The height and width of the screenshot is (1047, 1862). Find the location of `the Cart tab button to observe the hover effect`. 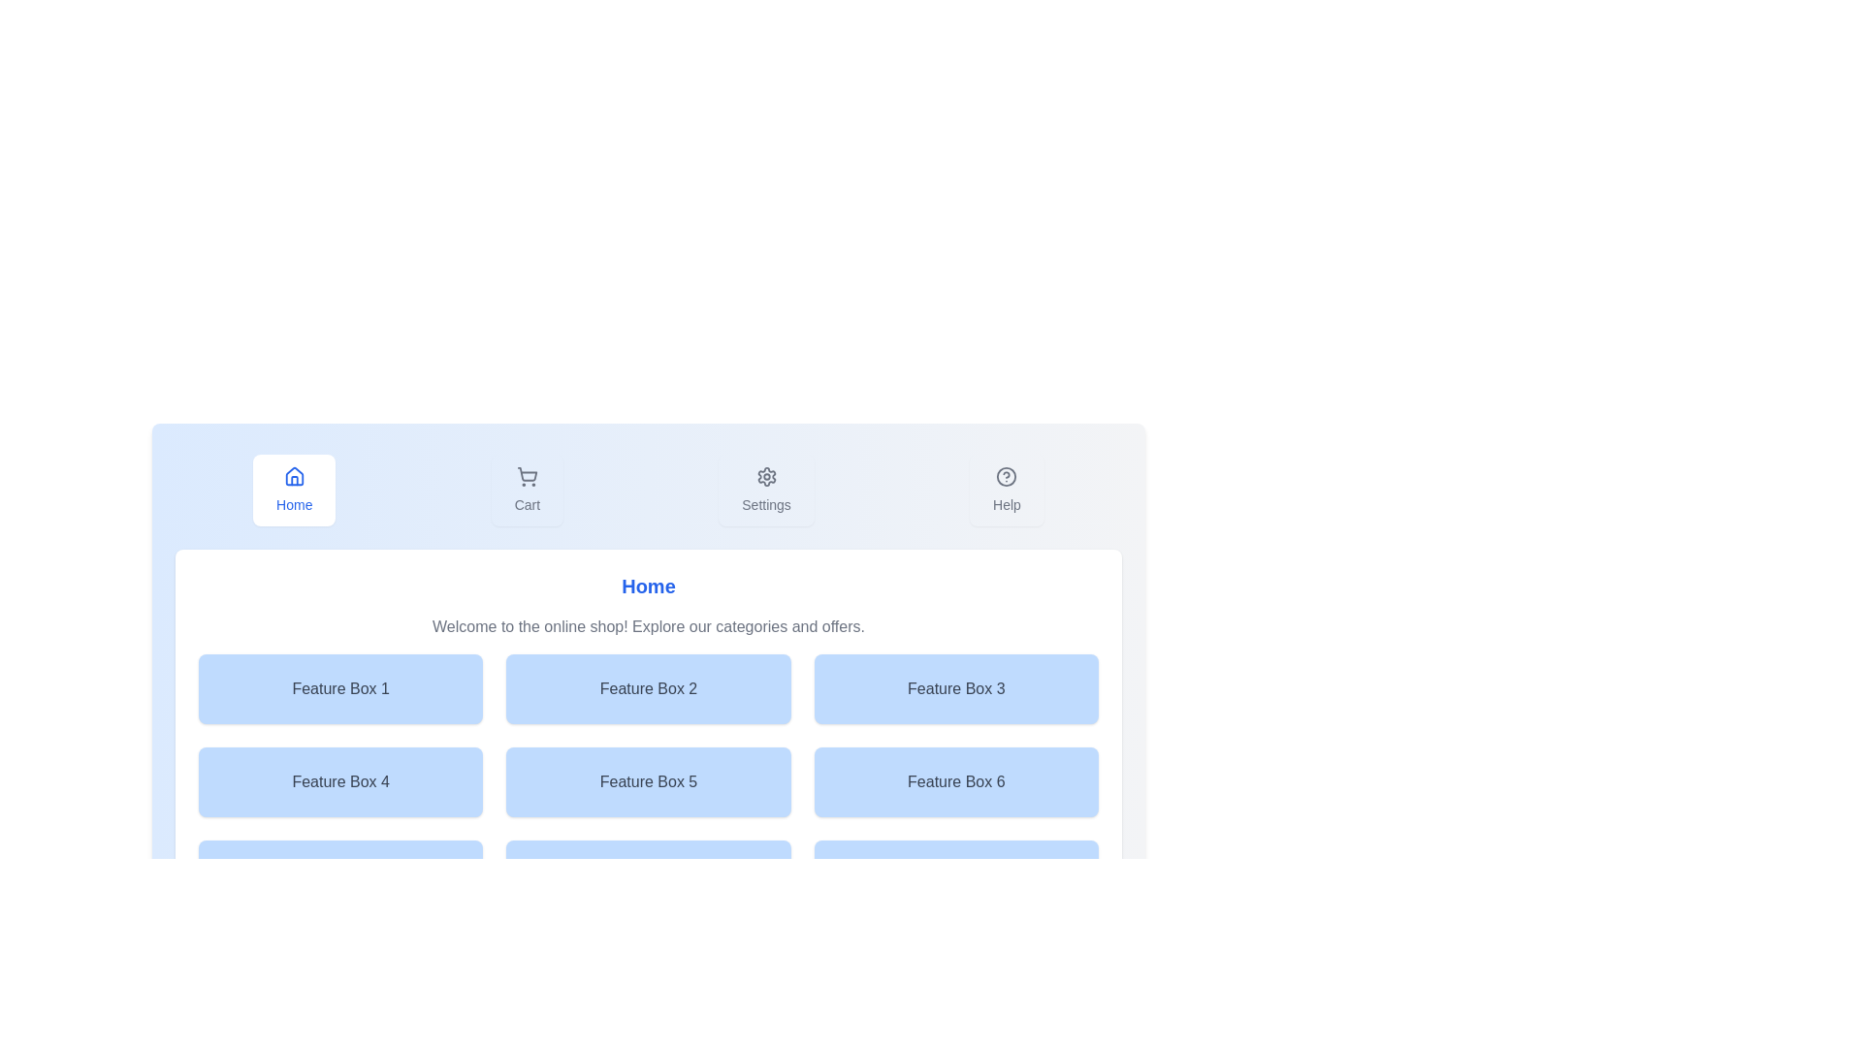

the Cart tab button to observe the hover effect is located at coordinates (527, 489).